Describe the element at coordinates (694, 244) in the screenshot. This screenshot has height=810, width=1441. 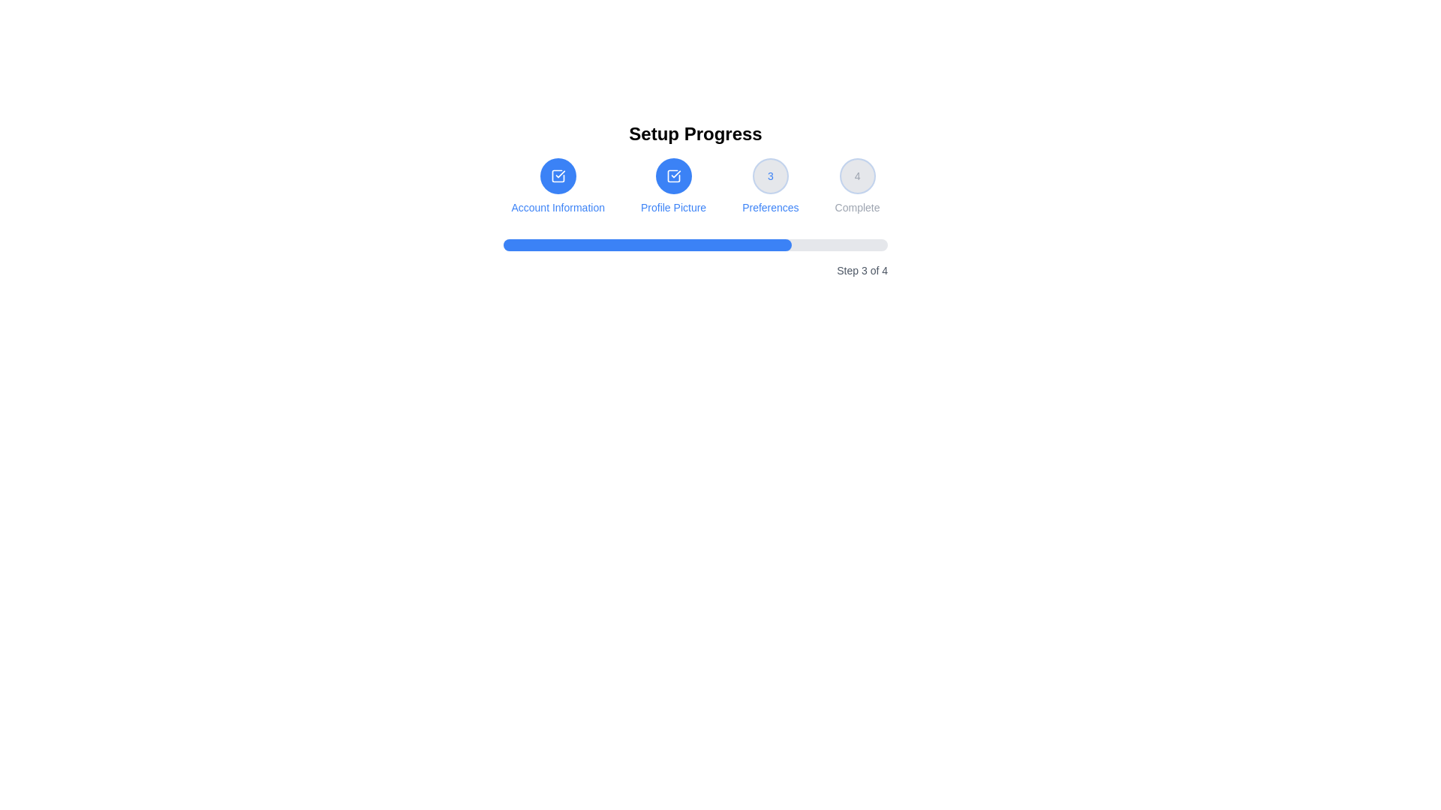
I see `the Progress bar that visually communicates progress, positioned centrally below 'Setup Progress' and adjacent to 'Step 3 of 4'` at that location.